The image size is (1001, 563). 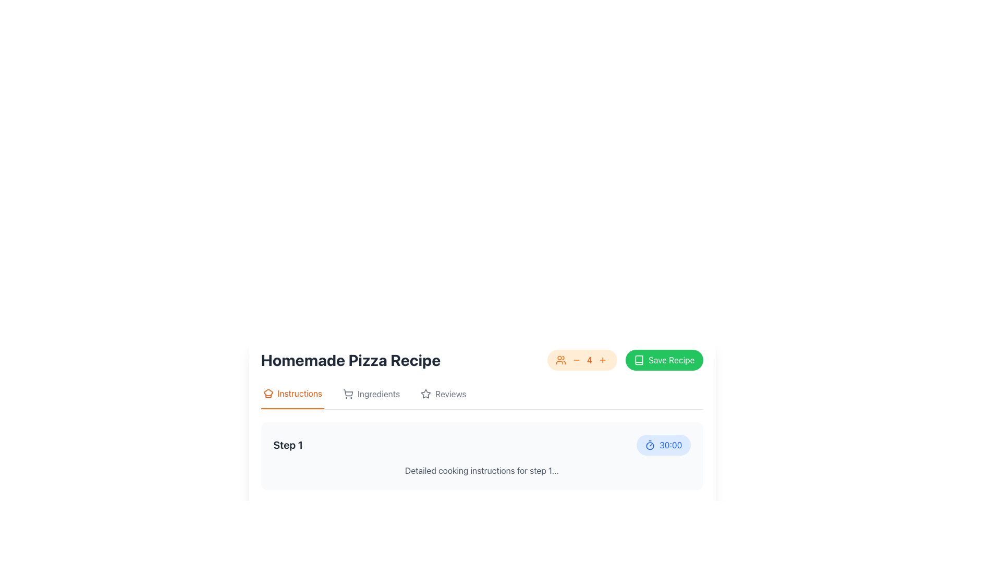 I want to click on the star-shaped icon, which is styled with a thin outline and no fill color, located in the top-right section of the interface near the 'Save Recipe' button, so click(x=426, y=394).